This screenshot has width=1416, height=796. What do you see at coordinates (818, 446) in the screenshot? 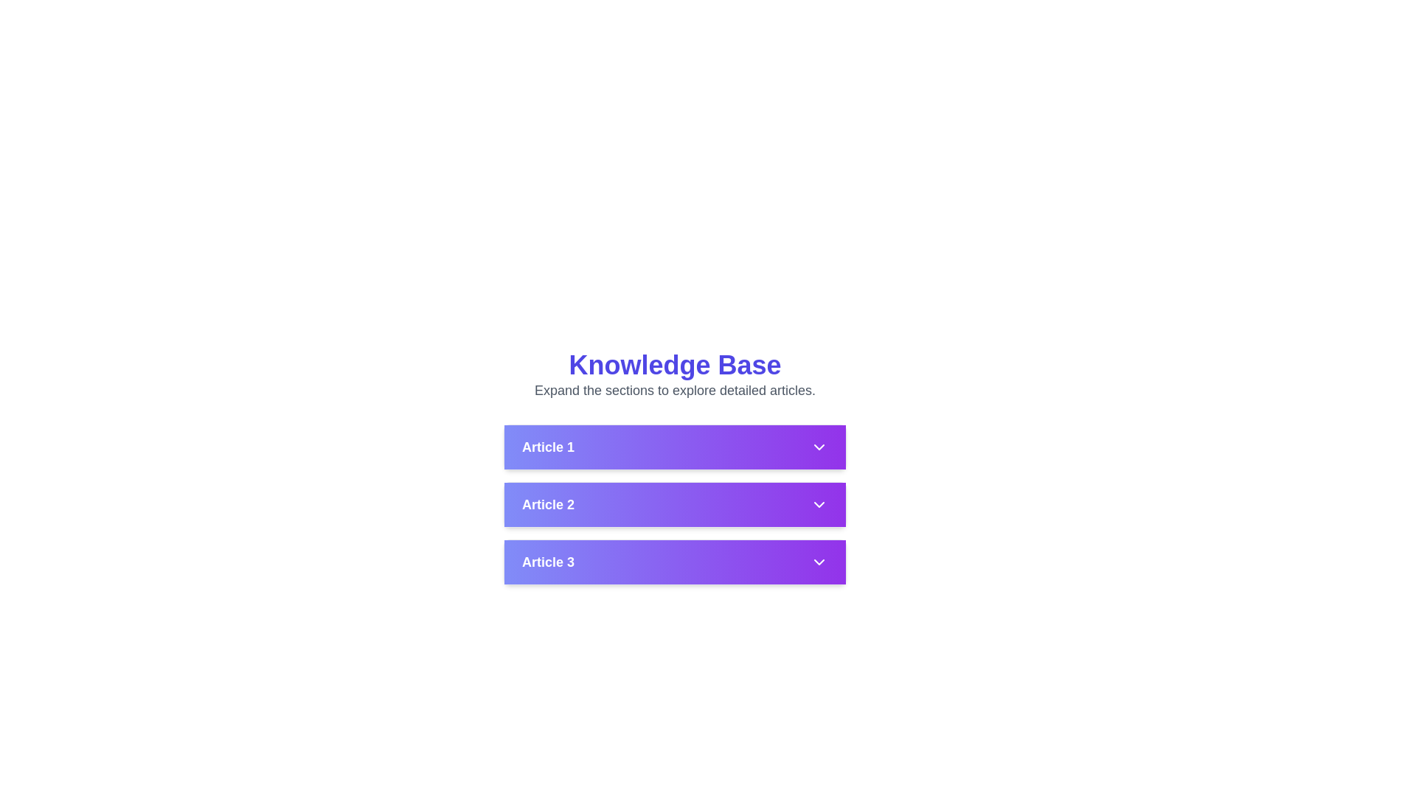
I see `the dropdown toggle icon located to the far-right of the 'Article 1' section` at bounding box center [818, 446].